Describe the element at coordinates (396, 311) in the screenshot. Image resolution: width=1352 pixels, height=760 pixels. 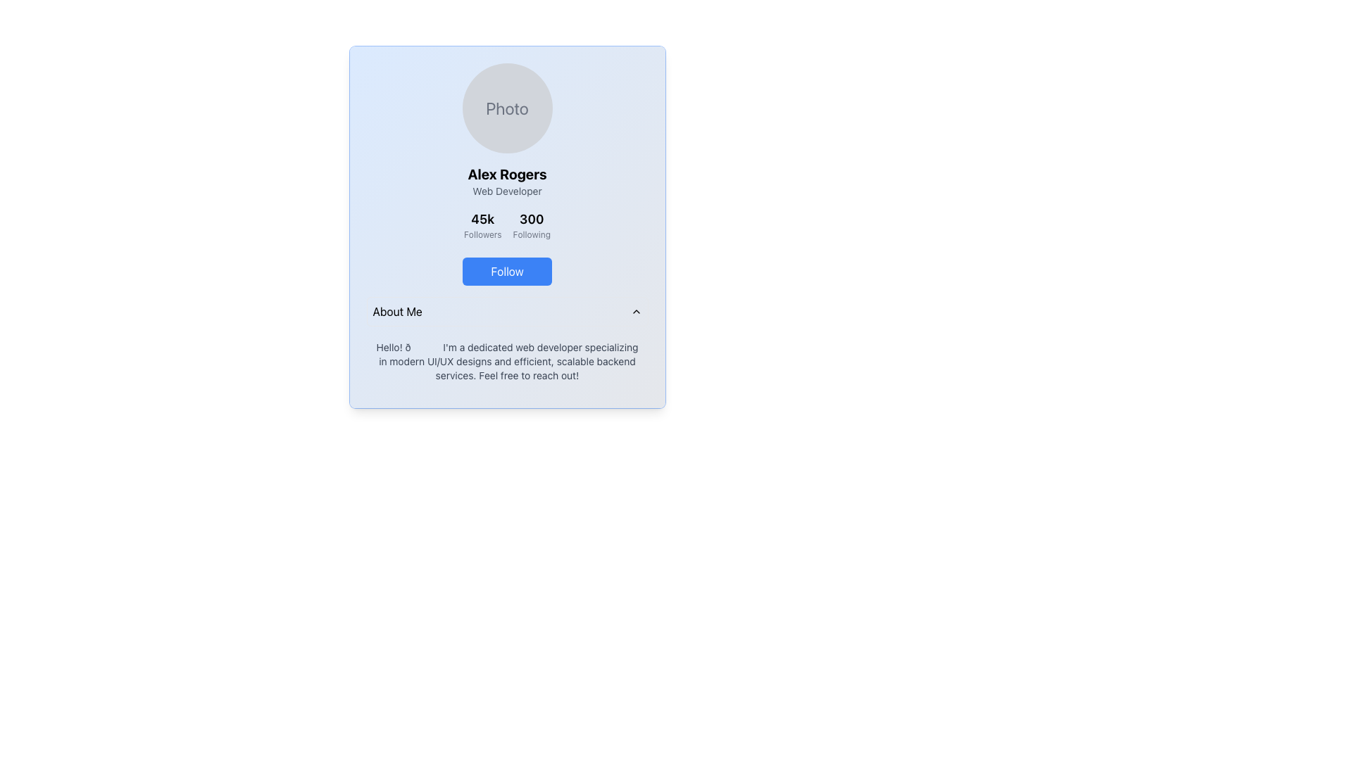
I see `the 'About Me' text label located in the bottom-left section of the profile card` at that location.